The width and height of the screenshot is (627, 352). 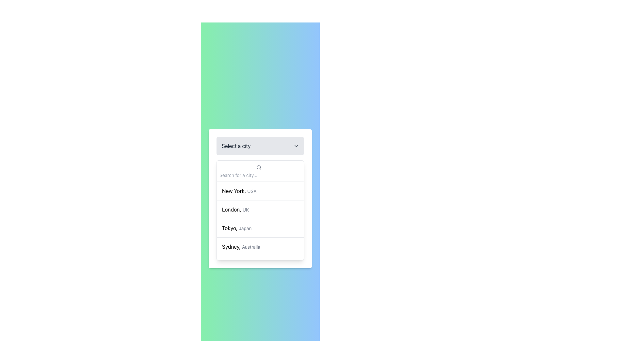 I want to click on the text label for 'Tokyo, Japan' in the city selection dropdown list, so click(x=236, y=227).